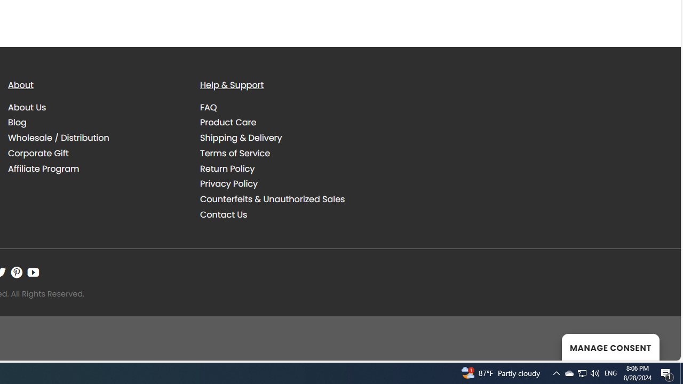 The width and height of the screenshot is (683, 384). What do you see at coordinates (234, 153) in the screenshot?
I see `'Terms of Service'` at bounding box center [234, 153].